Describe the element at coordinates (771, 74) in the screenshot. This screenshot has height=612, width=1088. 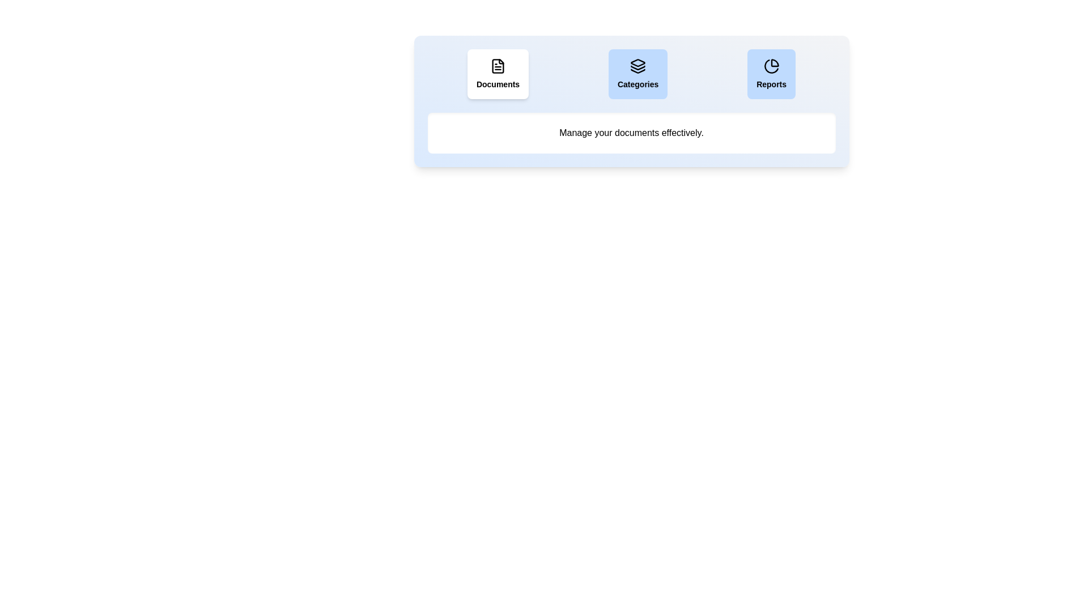
I see `the Reports tab to observe visual feedback` at that location.